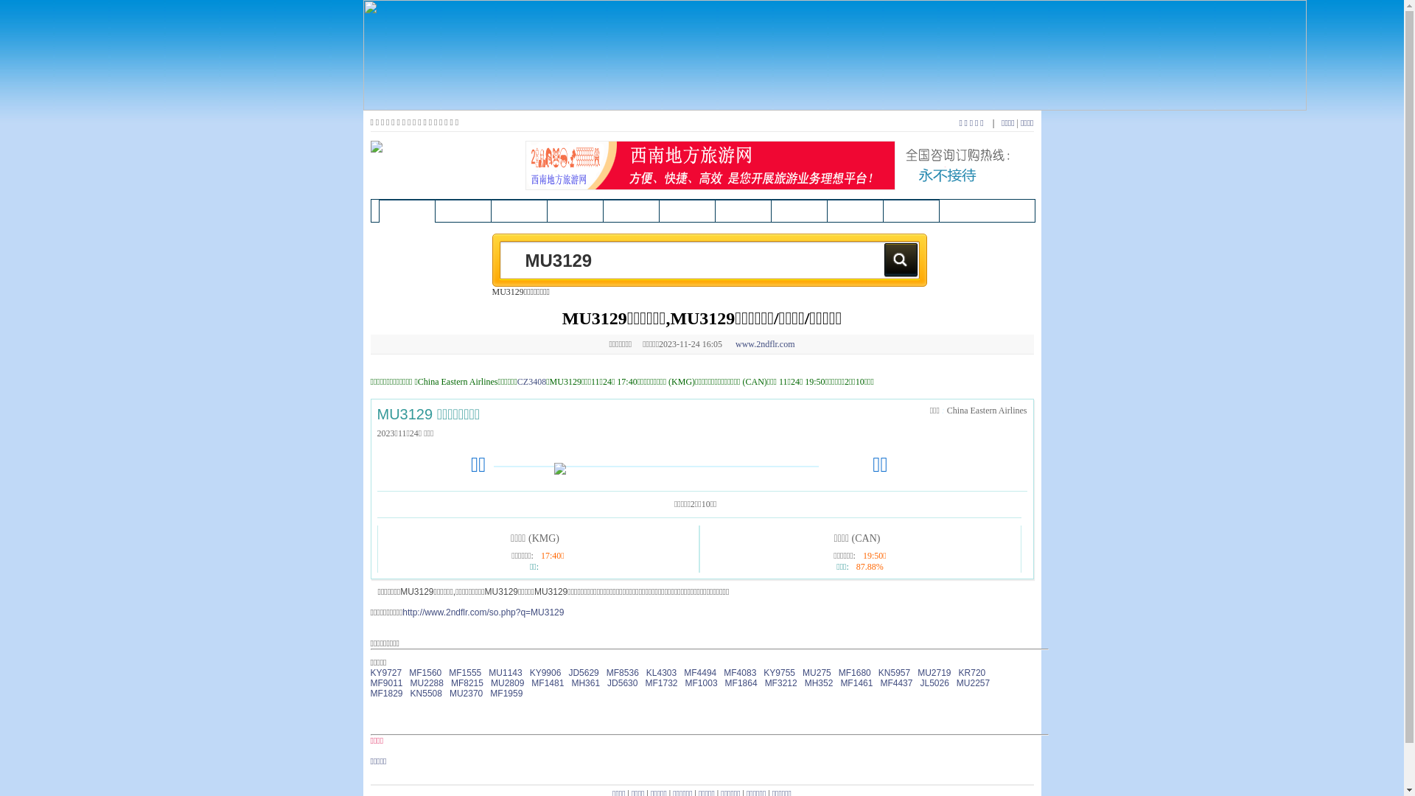  What do you see at coordinates (531, 380) in the screenshot?
I see `'CZ3408'` at bounding box center [531, 380].